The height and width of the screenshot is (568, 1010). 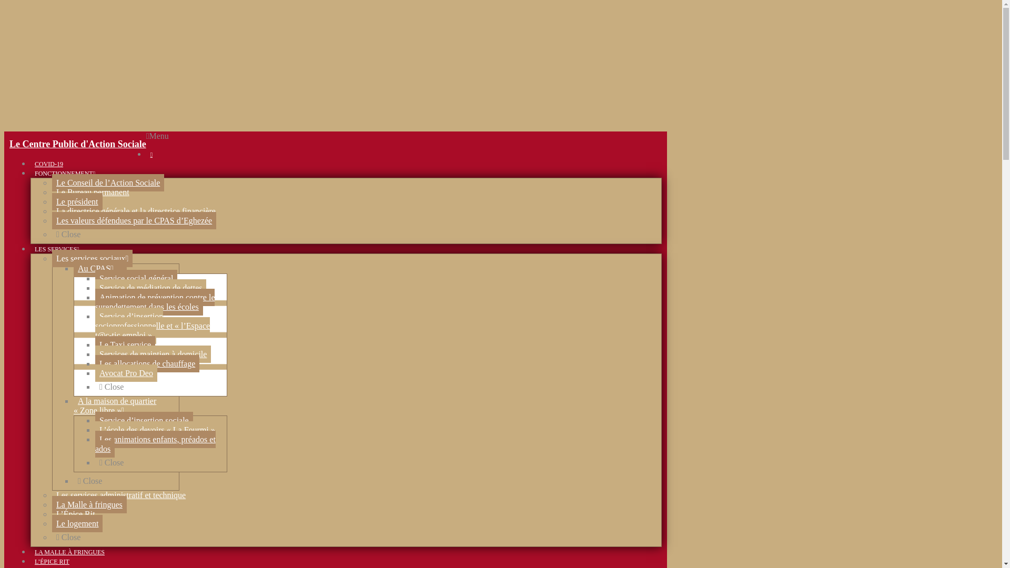 I want to click on 'Au CPAS', so click(x=100, y=268).